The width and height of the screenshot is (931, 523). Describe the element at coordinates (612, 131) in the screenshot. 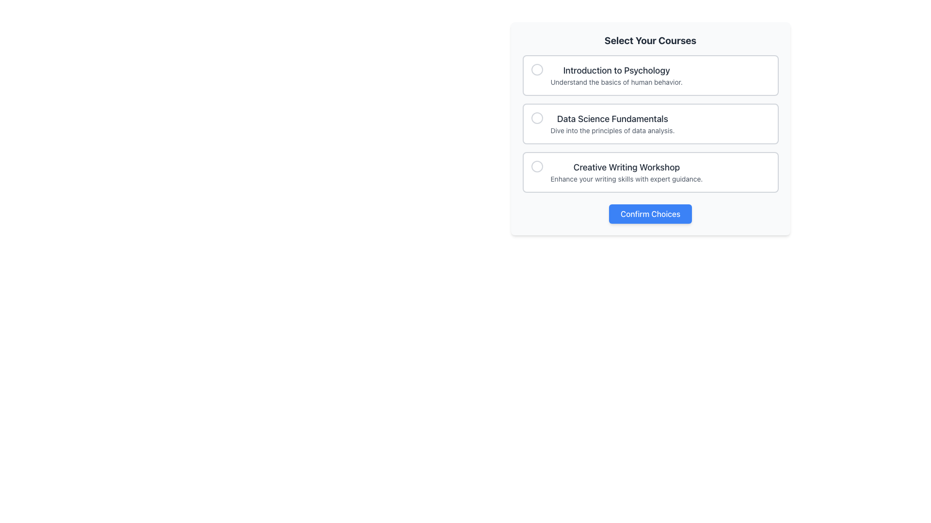

I see `the static text label reading 'Dive into the principles of data analysis.', which is located below the heading 'Data Science Fundamentals' in the second course option` at that location.